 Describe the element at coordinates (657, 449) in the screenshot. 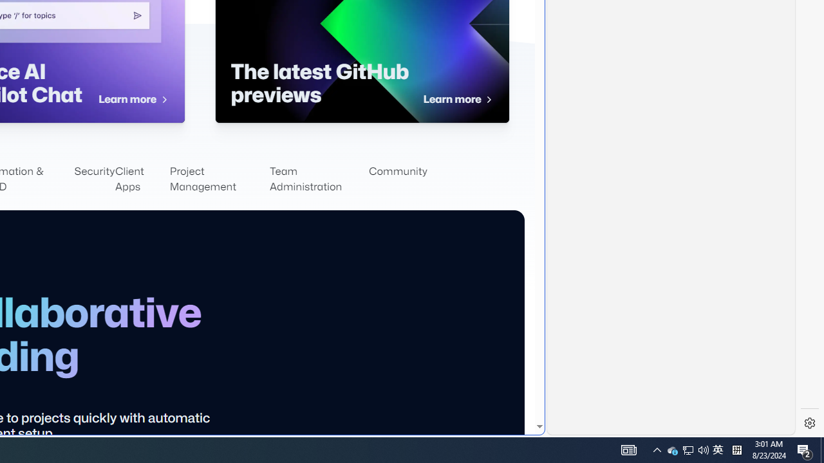

I see `'Notification Chevron'` at that location.